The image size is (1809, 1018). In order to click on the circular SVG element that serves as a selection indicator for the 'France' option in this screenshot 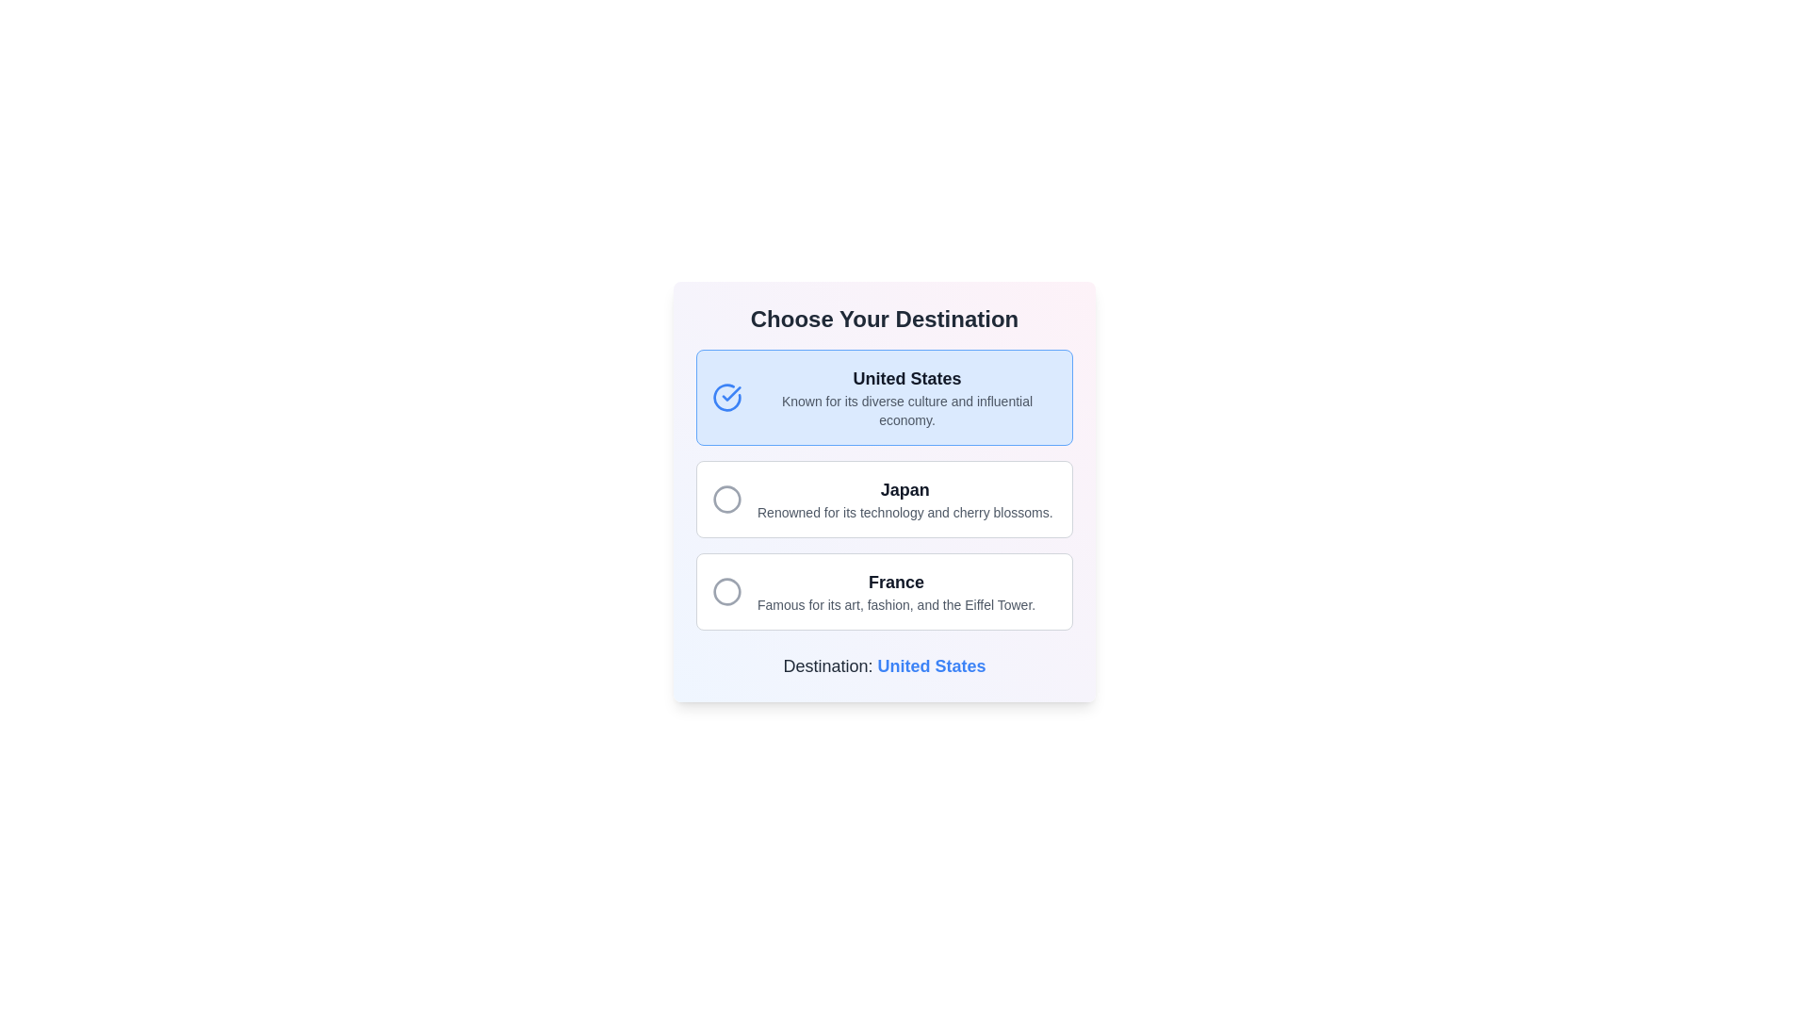, I will do `click(726, 591)`.